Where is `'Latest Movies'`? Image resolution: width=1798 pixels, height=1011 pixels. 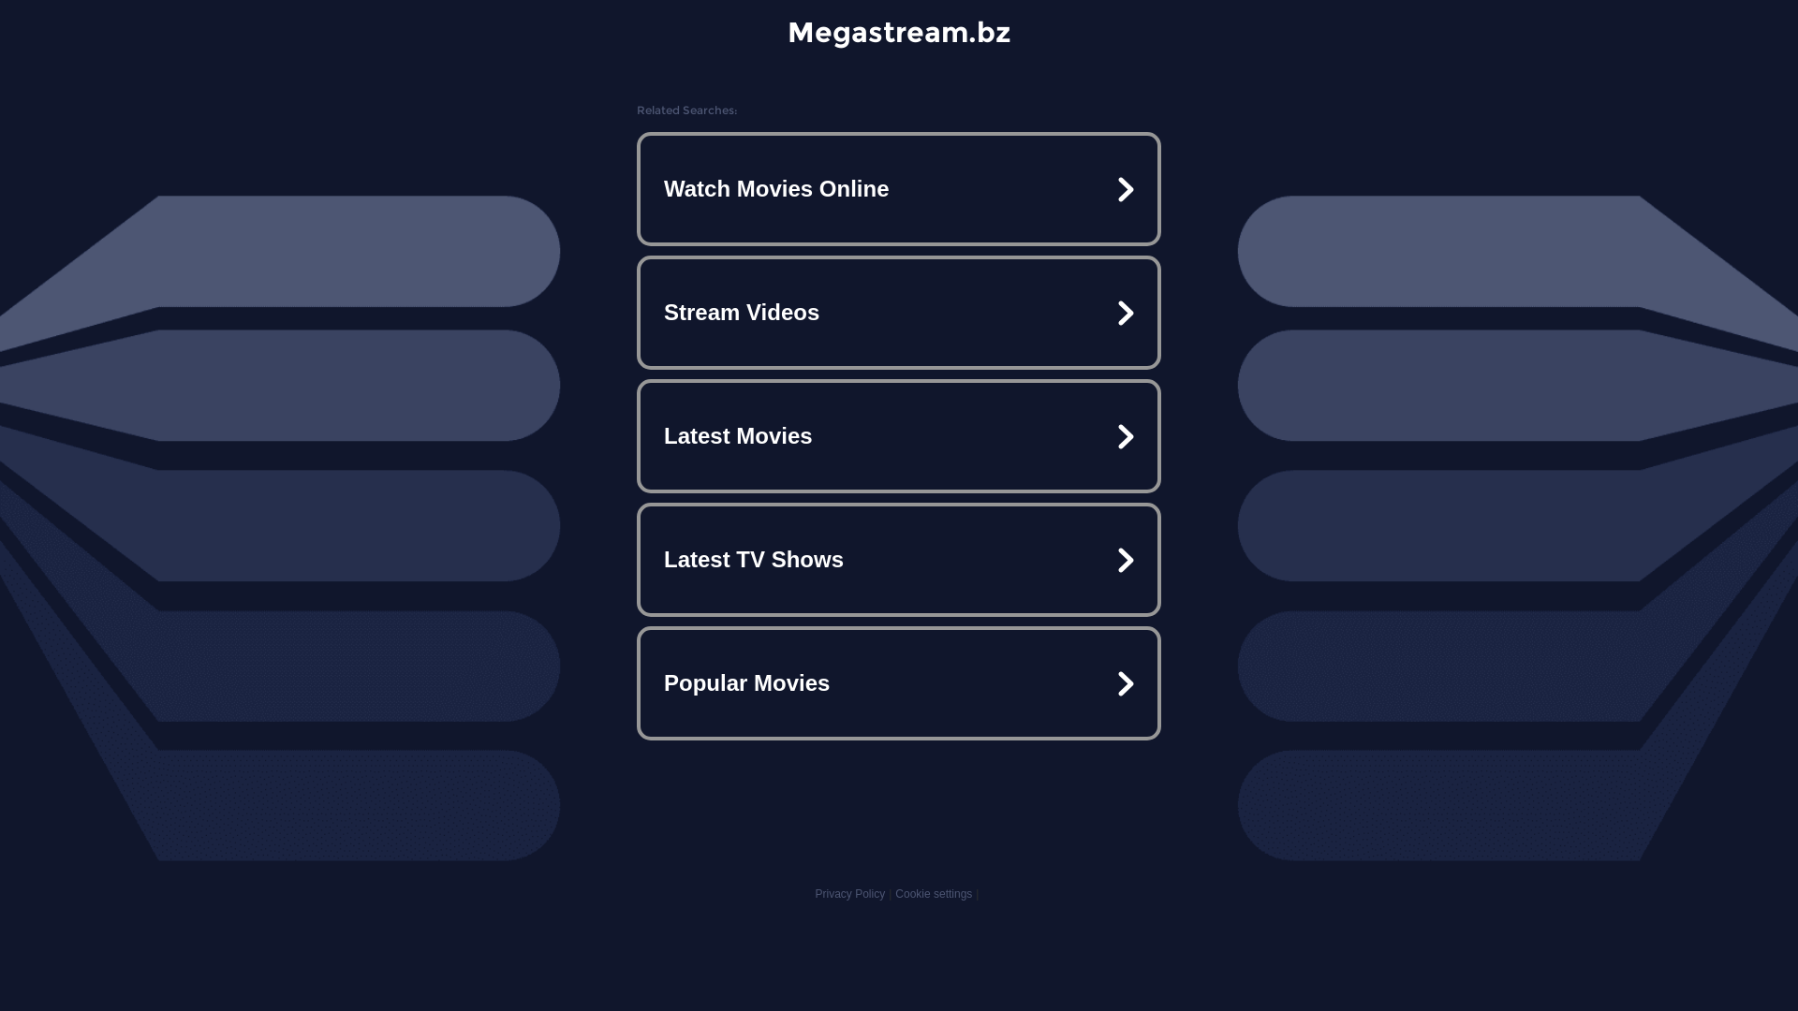
'Latest Movies' is located at coordinates (899, 436).